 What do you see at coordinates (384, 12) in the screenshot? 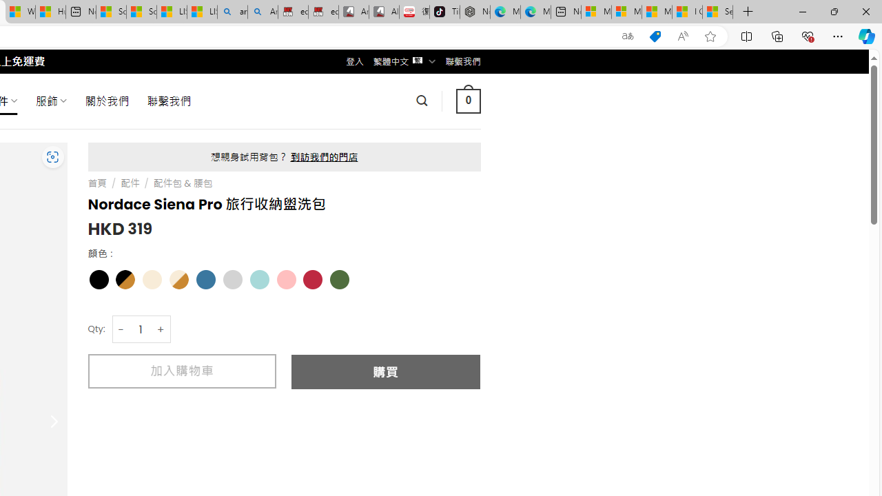
I see `'All Cubot phones'` at bounding box center [384, 12].